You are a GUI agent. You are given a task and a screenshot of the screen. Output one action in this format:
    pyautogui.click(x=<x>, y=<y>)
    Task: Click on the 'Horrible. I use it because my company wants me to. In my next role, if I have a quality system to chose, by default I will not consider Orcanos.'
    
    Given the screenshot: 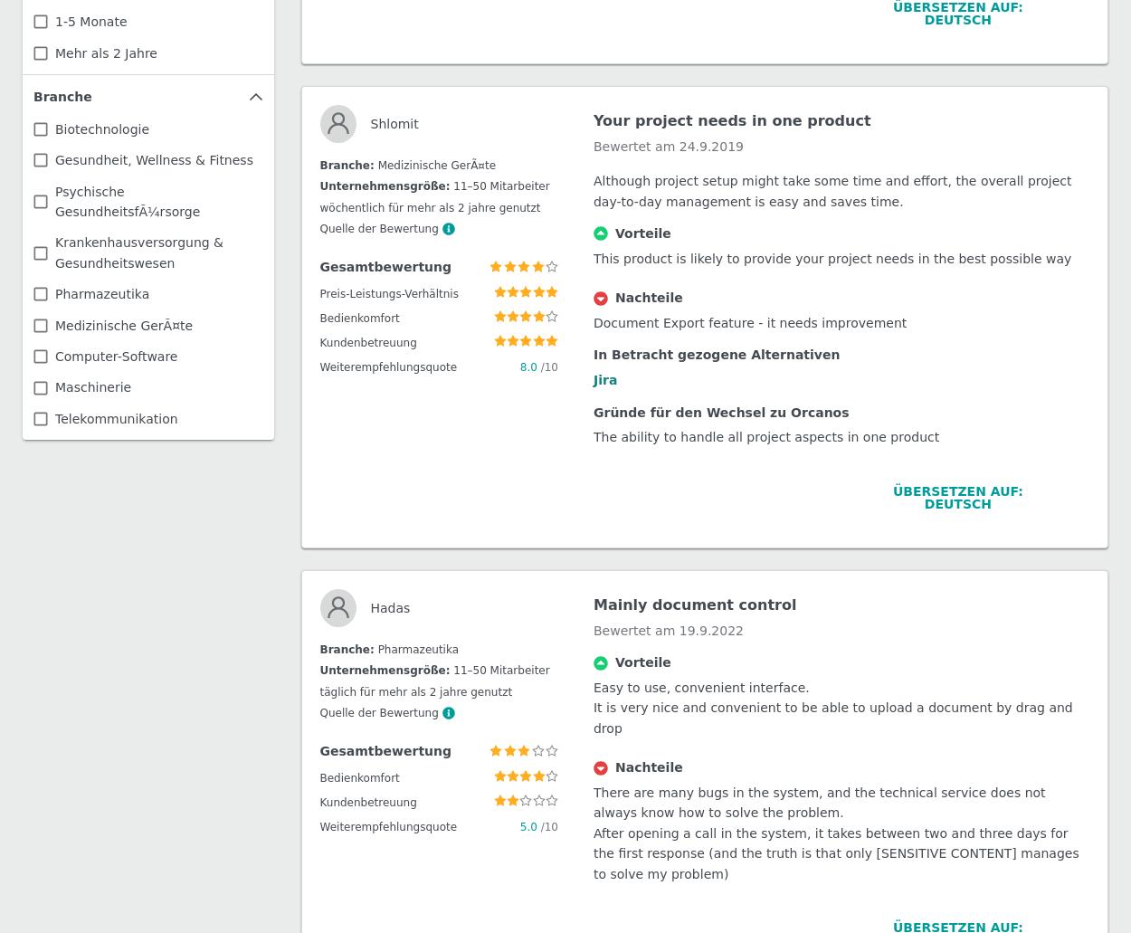 What is the action you would take?
    pyautogui.click(x=837, y=361)
    